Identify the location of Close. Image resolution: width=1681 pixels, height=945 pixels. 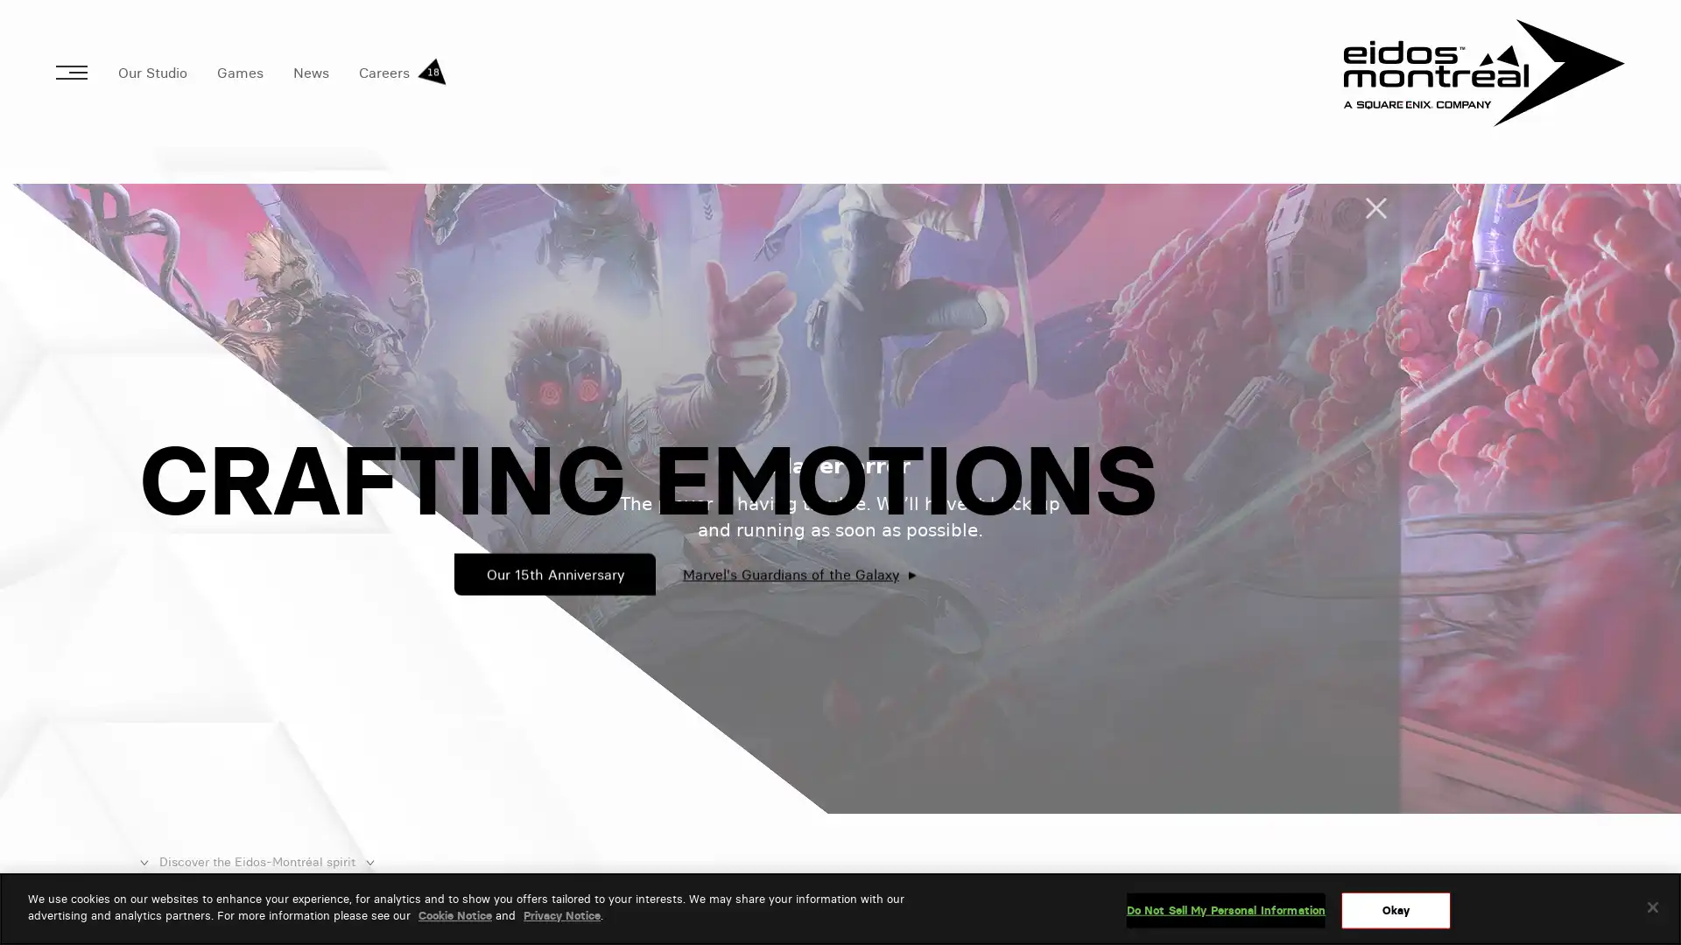
(1651, 906).